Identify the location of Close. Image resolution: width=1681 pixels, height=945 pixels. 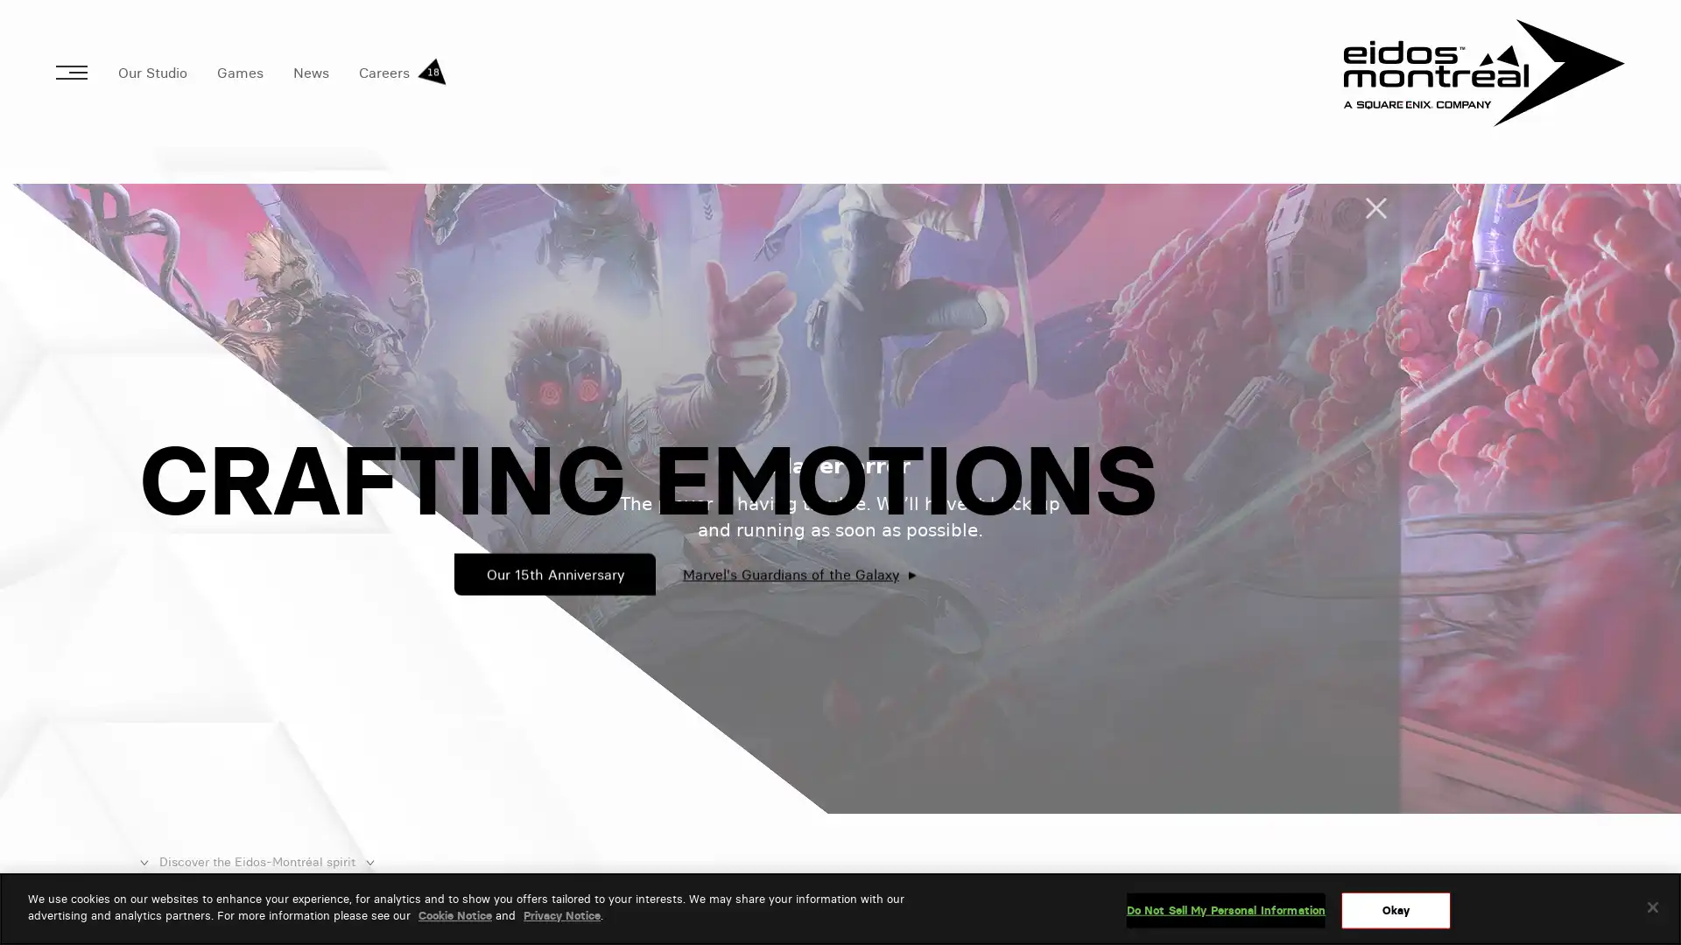
(1651, 906).